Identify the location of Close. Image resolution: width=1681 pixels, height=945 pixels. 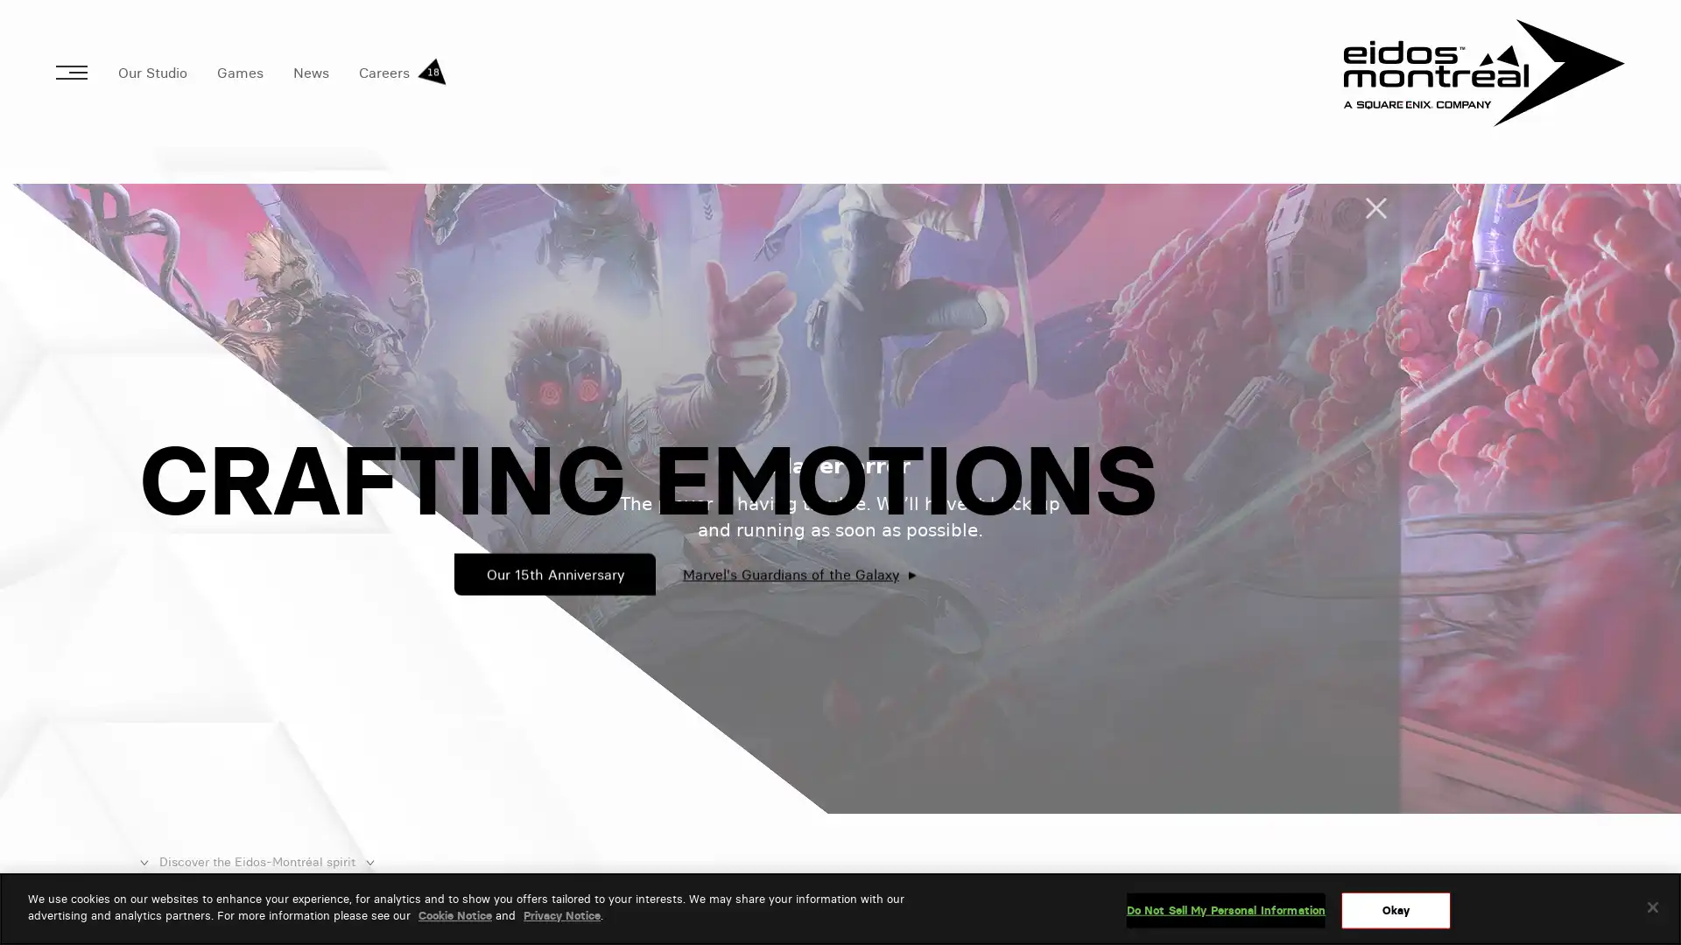
(1651, 906).